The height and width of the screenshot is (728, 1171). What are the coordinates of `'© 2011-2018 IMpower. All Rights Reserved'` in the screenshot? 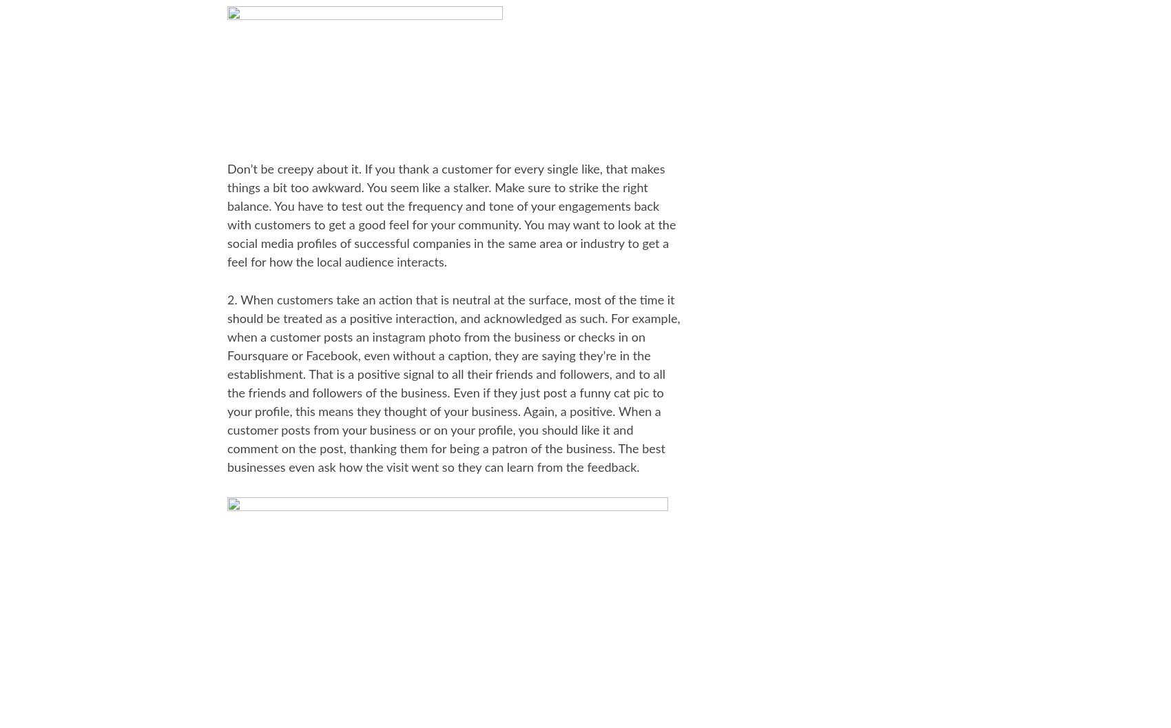 It's located at (526, 561).